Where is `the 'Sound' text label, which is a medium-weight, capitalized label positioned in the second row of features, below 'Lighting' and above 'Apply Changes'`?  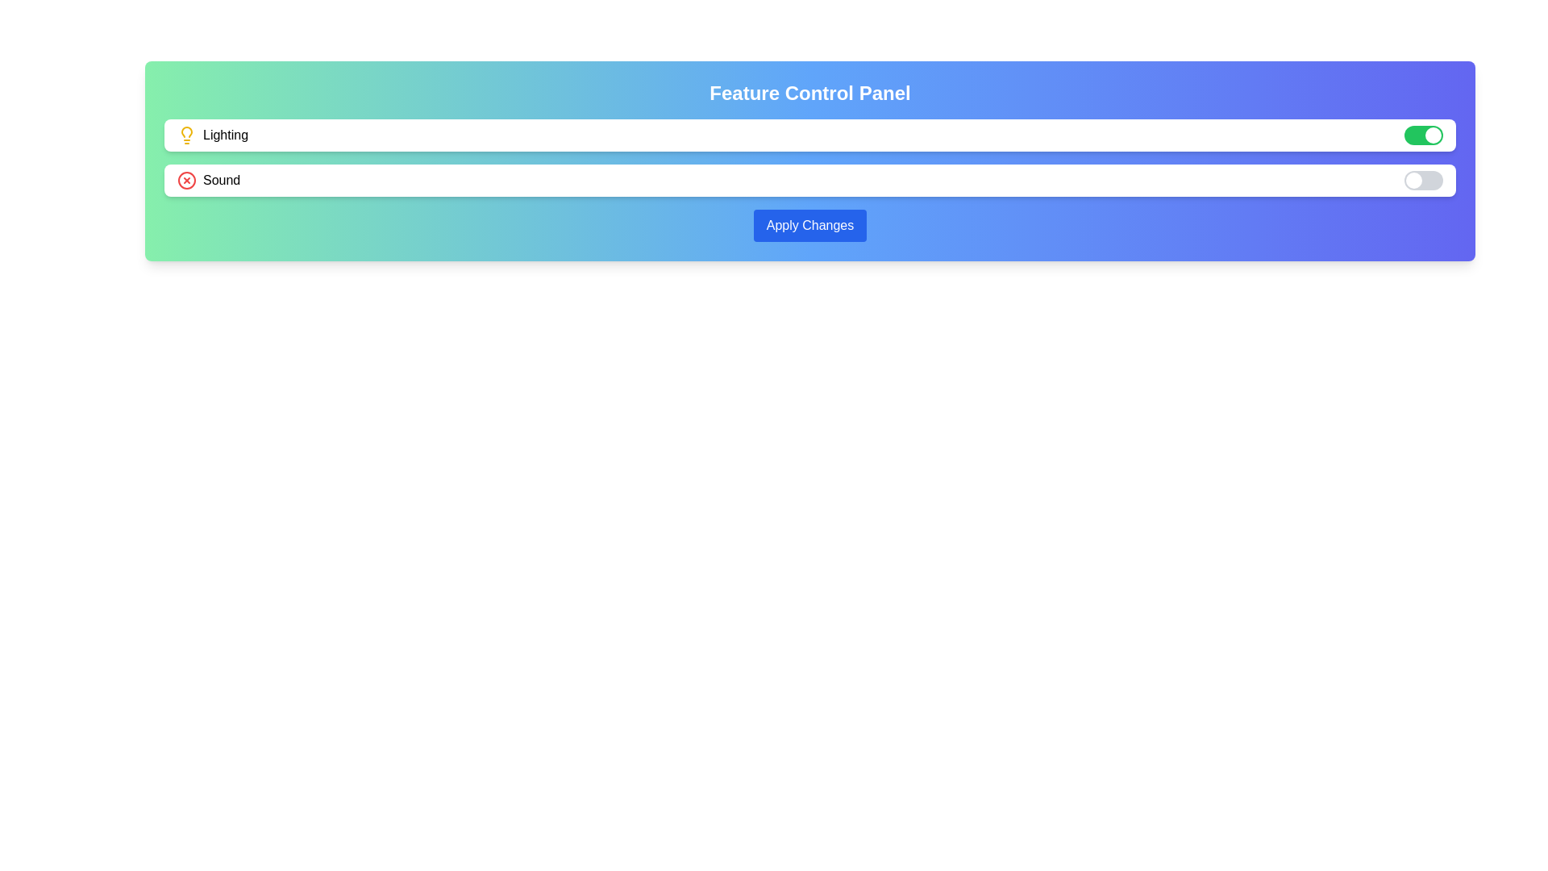 the 'Sound' text label, which is a medium-weight, capitalized label positioned in the second row of features, below 'Lighting' and above 'Apply Changes' is located at coordinates (221, 180).